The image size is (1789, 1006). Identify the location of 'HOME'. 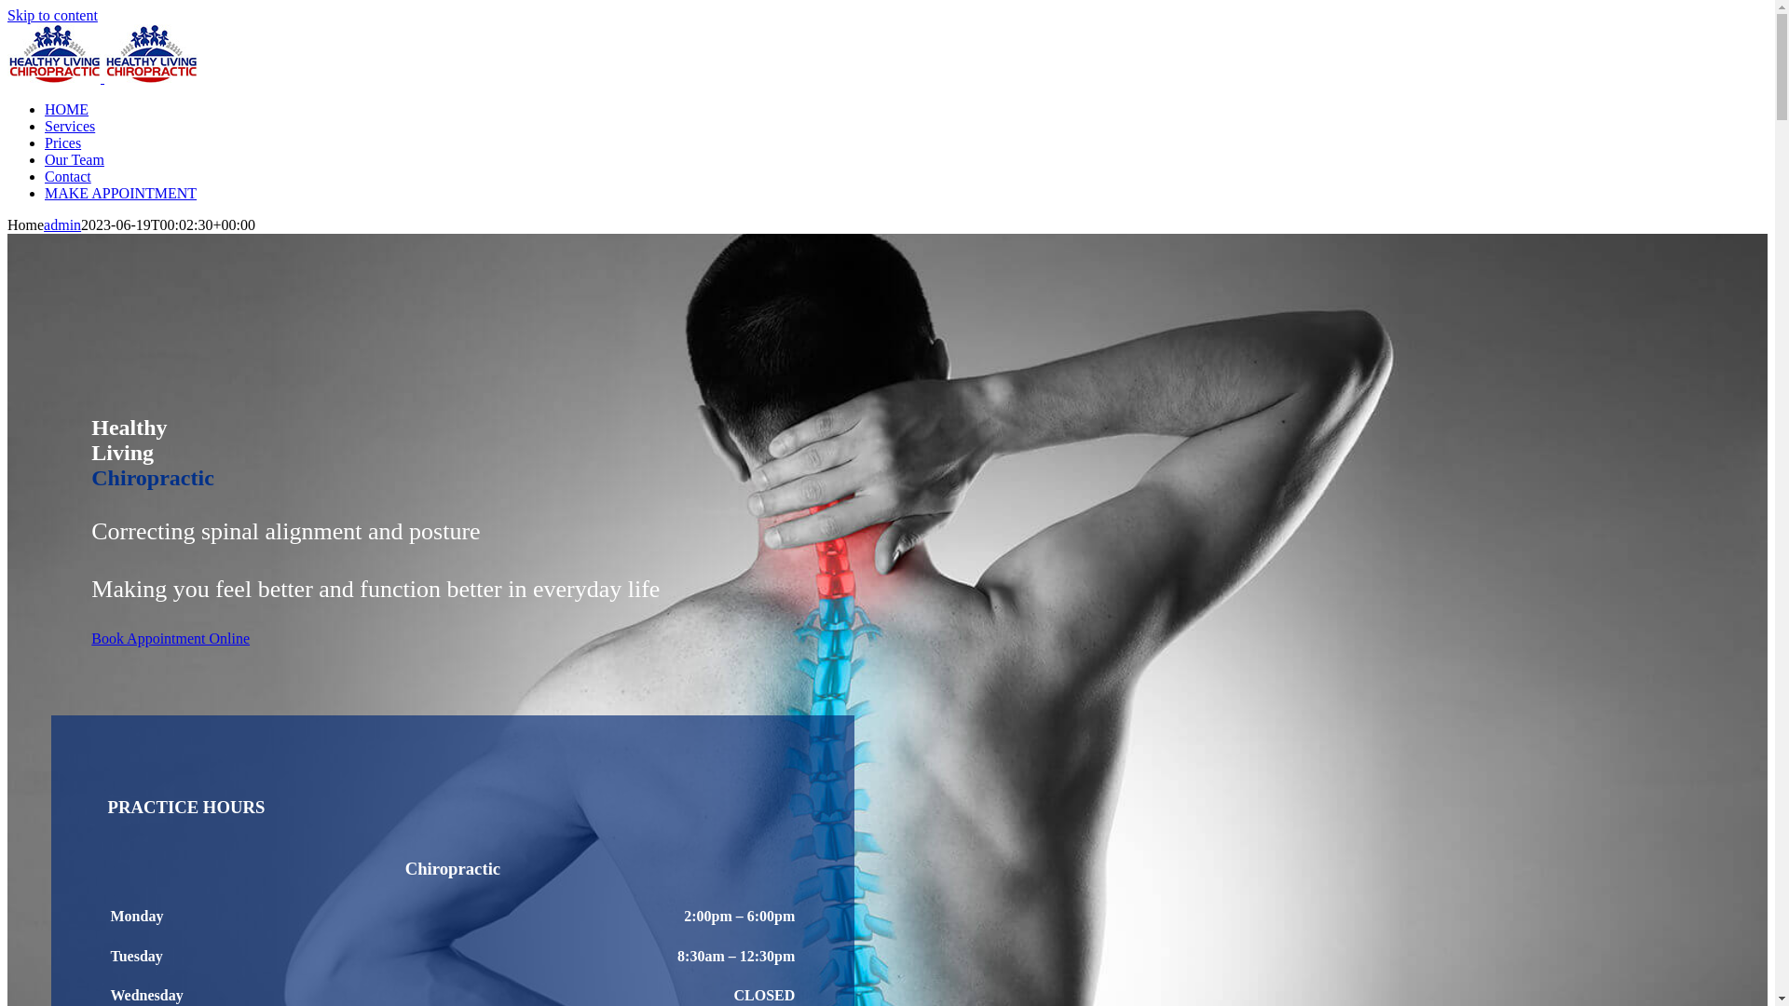
(66, 109).